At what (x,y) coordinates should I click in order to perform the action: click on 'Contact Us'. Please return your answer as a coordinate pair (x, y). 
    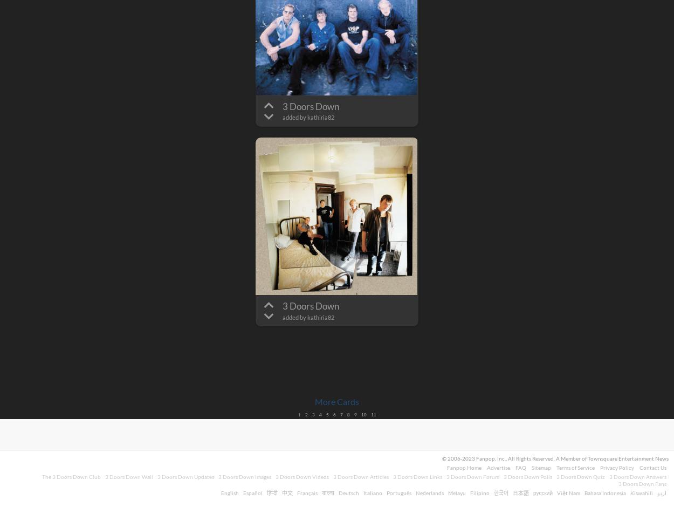
    Looking at the image, I should click on (652, 468).